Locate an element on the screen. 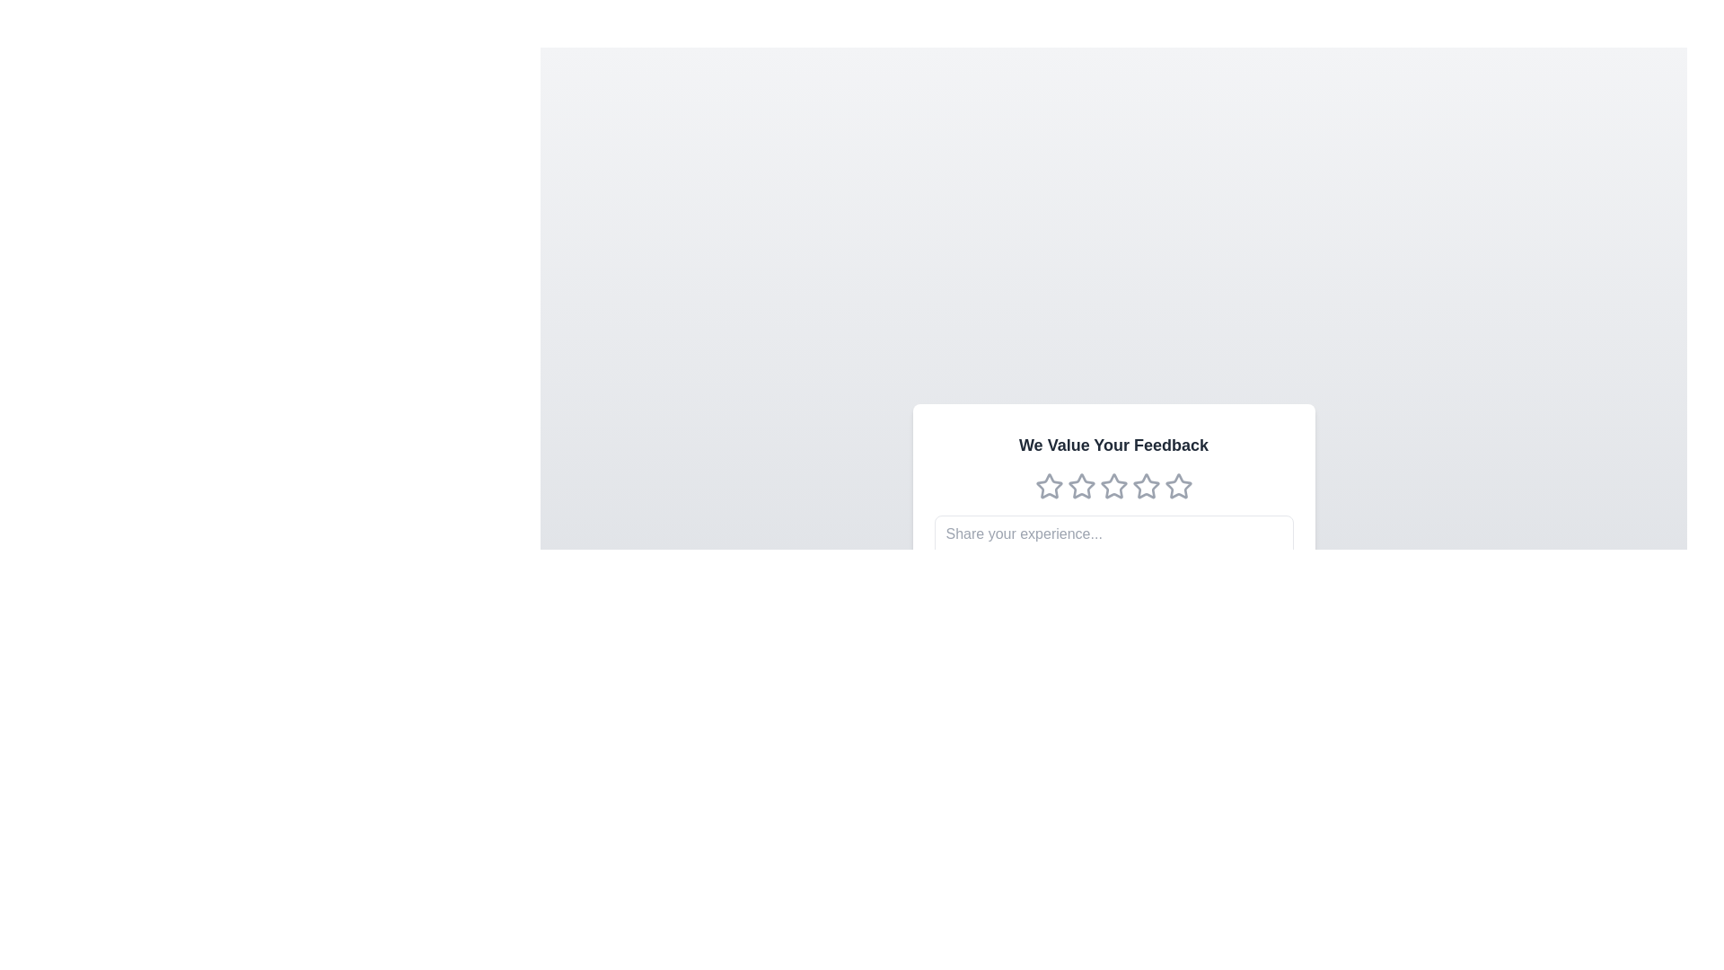  the last star icon in the rating input system is located at coordinates (1178, 487).